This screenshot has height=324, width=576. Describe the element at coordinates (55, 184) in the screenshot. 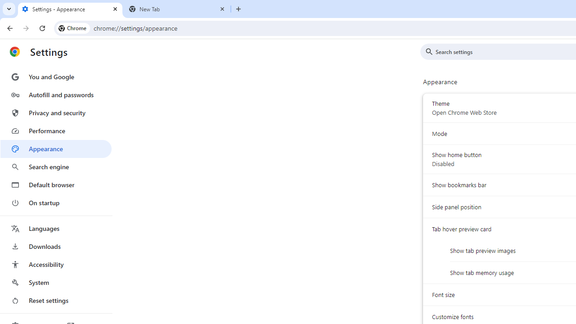

I see `'Default browser'` at that location.